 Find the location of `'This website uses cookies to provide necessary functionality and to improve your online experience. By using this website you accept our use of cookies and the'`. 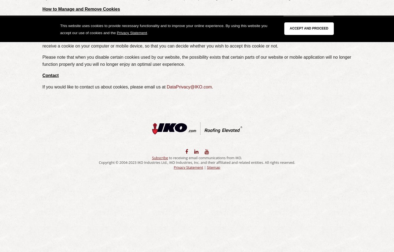

'This website uses cookies to provide necessary functionality and to improve your online experience. By using this website you accept our use of cookies and the' is located at coordinates (164, 29).